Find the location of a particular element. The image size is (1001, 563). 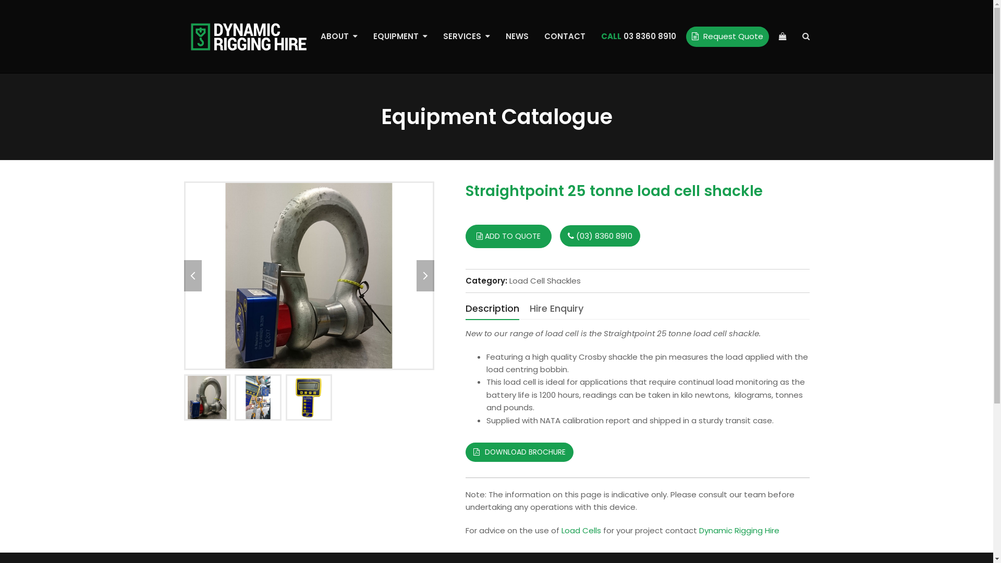

'CALL 03 8360 8910' is located at coordinates (638, 35).